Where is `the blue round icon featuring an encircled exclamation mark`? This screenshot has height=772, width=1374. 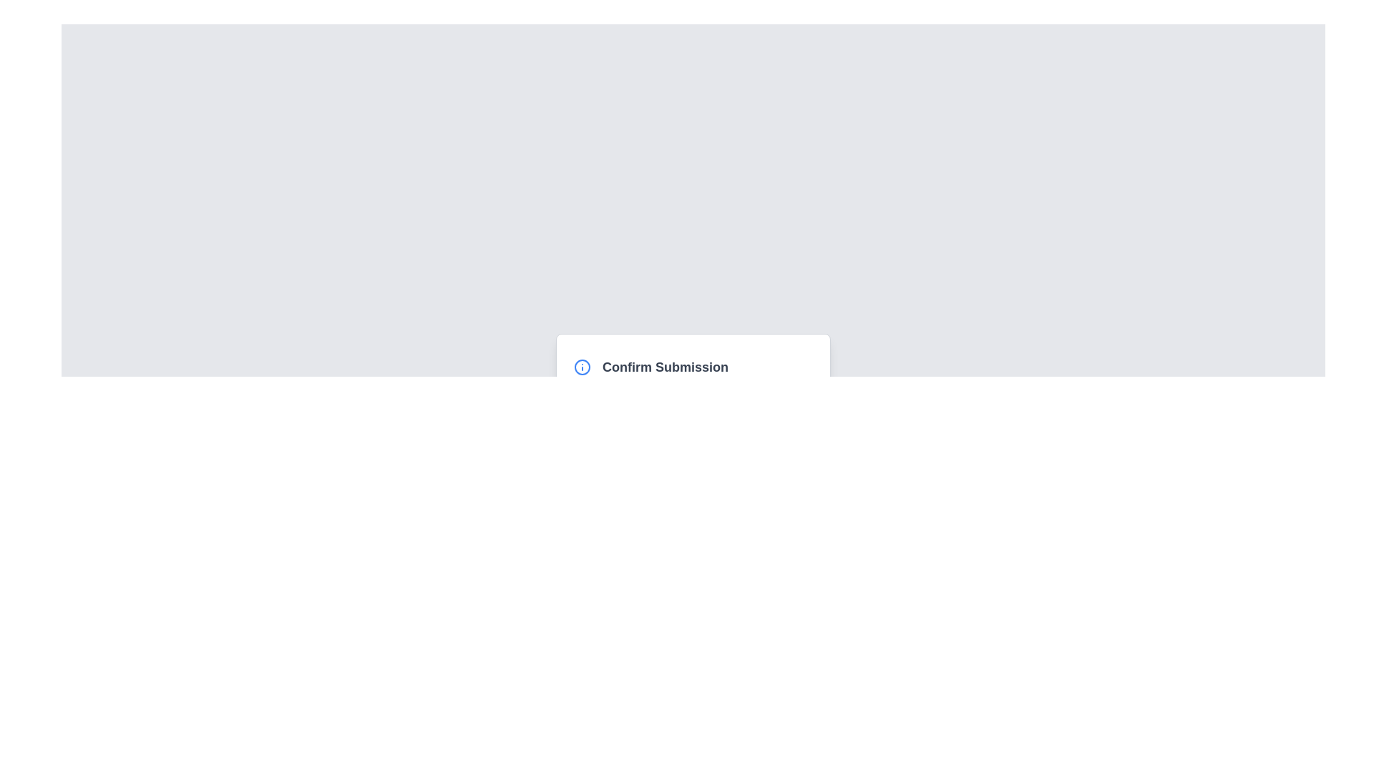
the blue round icon featuring an encircled exclamation mark is located at coordinates (583, 366).